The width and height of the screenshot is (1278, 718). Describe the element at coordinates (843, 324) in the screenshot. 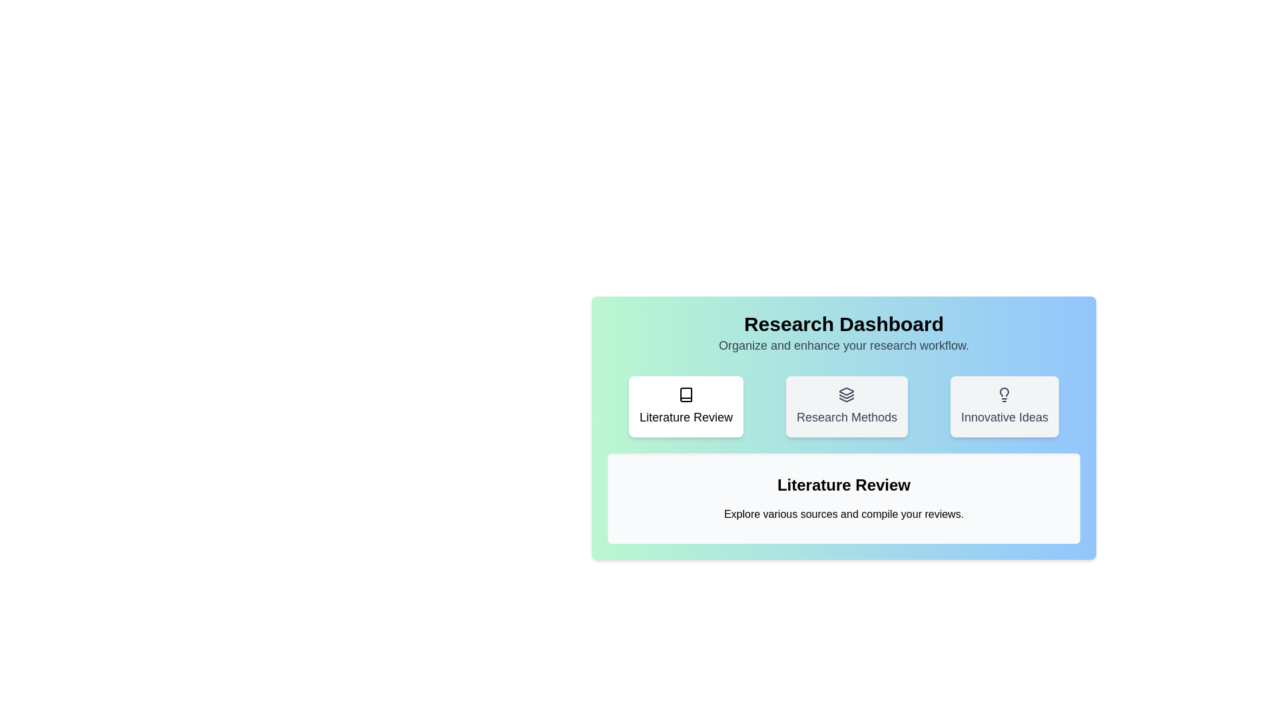

I see `the header text 'Research Dashboard'` at that location.